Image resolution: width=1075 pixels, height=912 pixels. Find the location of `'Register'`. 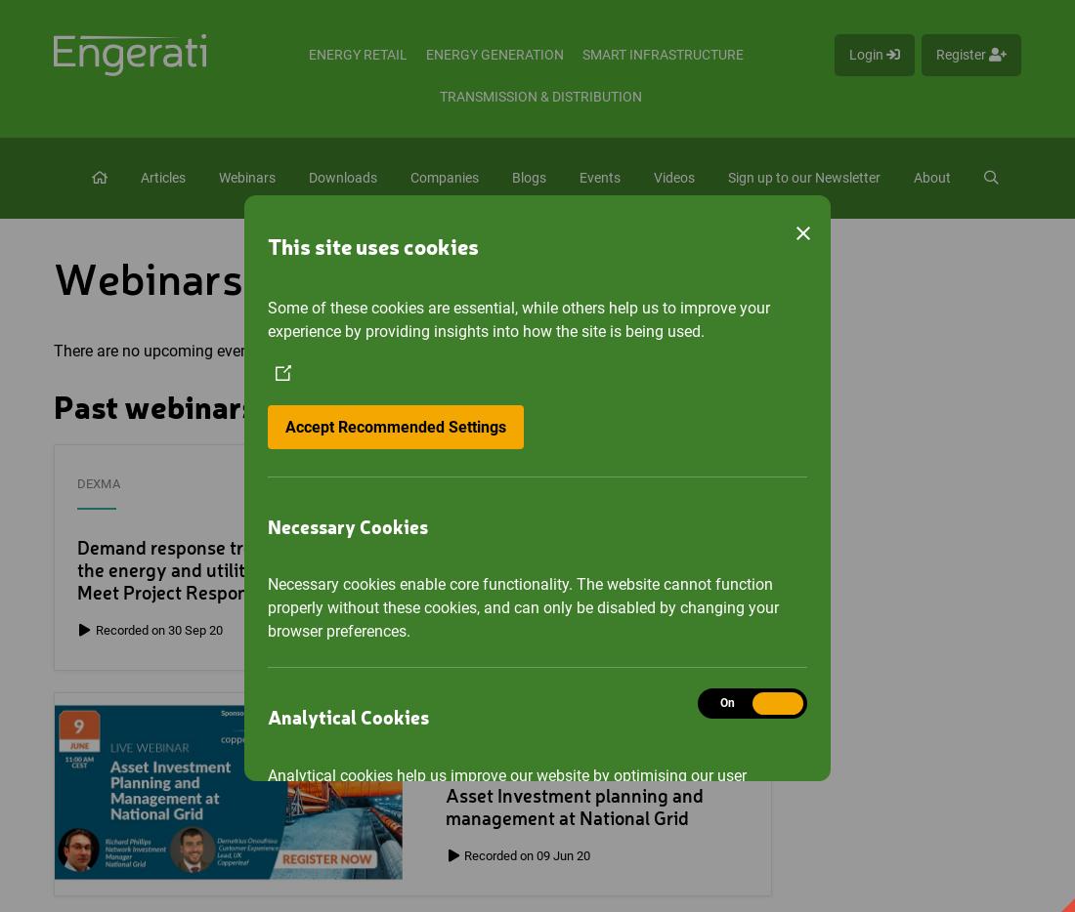

'Register' is located at coordinates (962, 55).